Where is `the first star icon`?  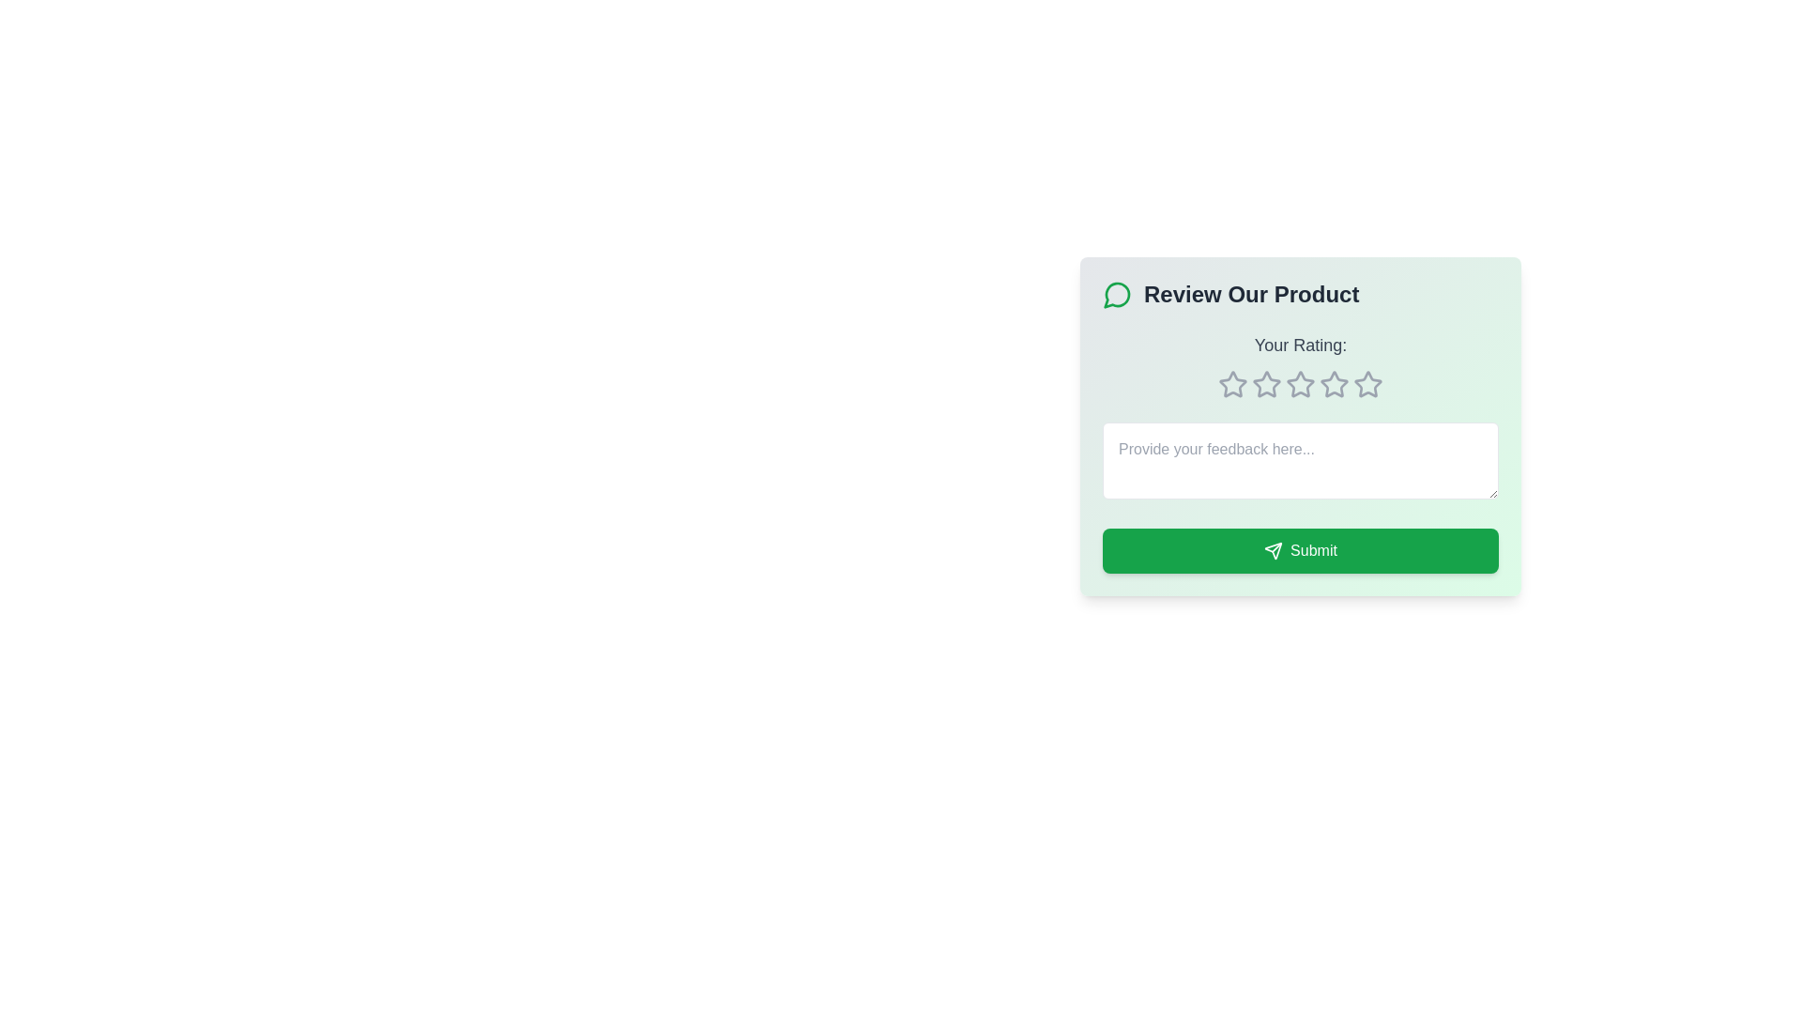
the first star icon is located at coordinates (1233, 383).